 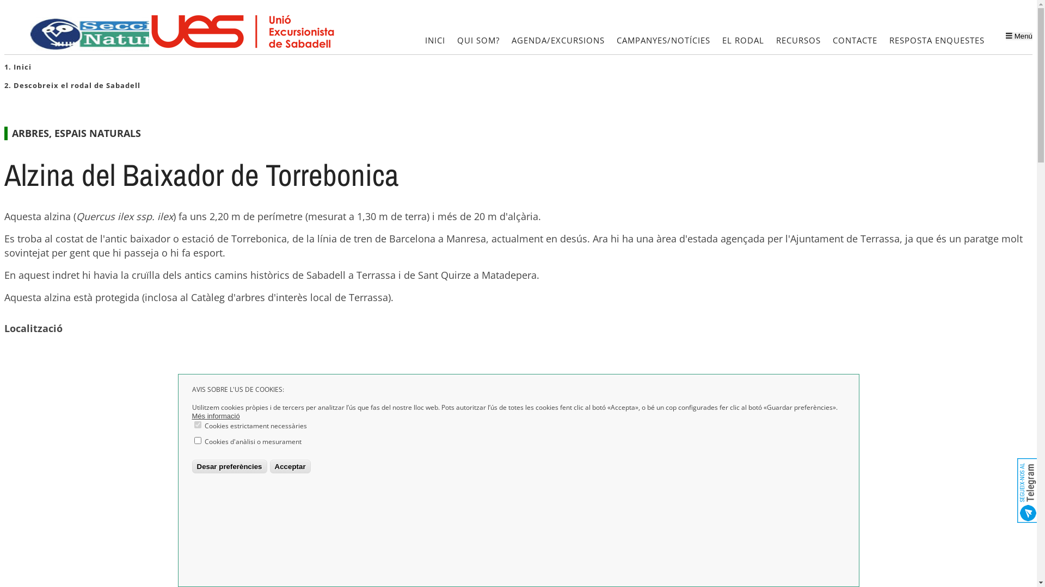 I want to click on 'Acceptar', so click(x=290, y=466).